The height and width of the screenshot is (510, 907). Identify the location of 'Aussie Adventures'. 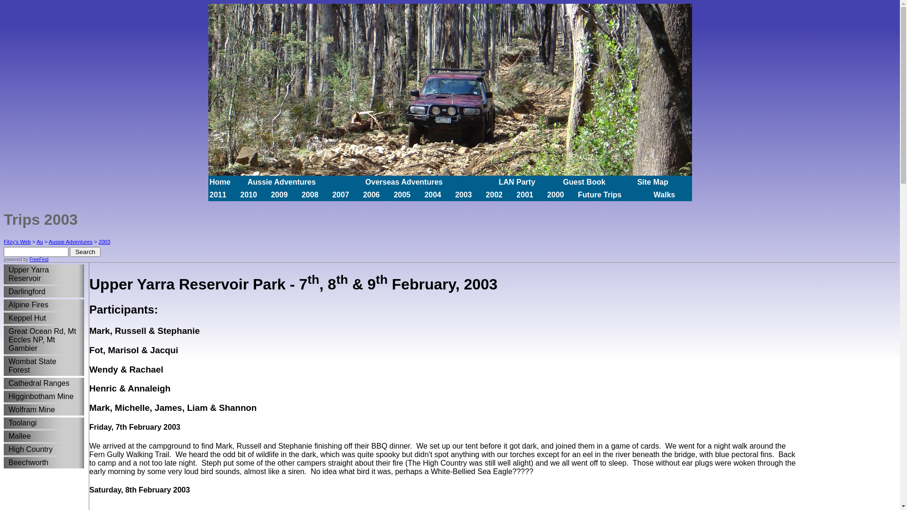
(281, 181).